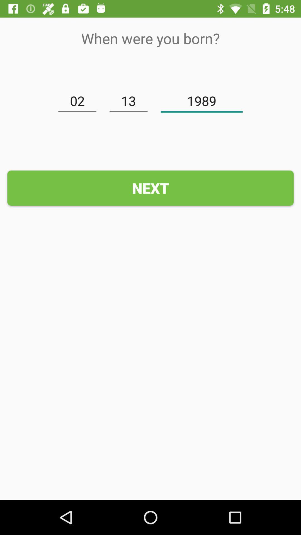 The image size is (301, 535). Describe the element at coordinates (202, 101) in the screenshot. I see `item next to 13 item` at that location.